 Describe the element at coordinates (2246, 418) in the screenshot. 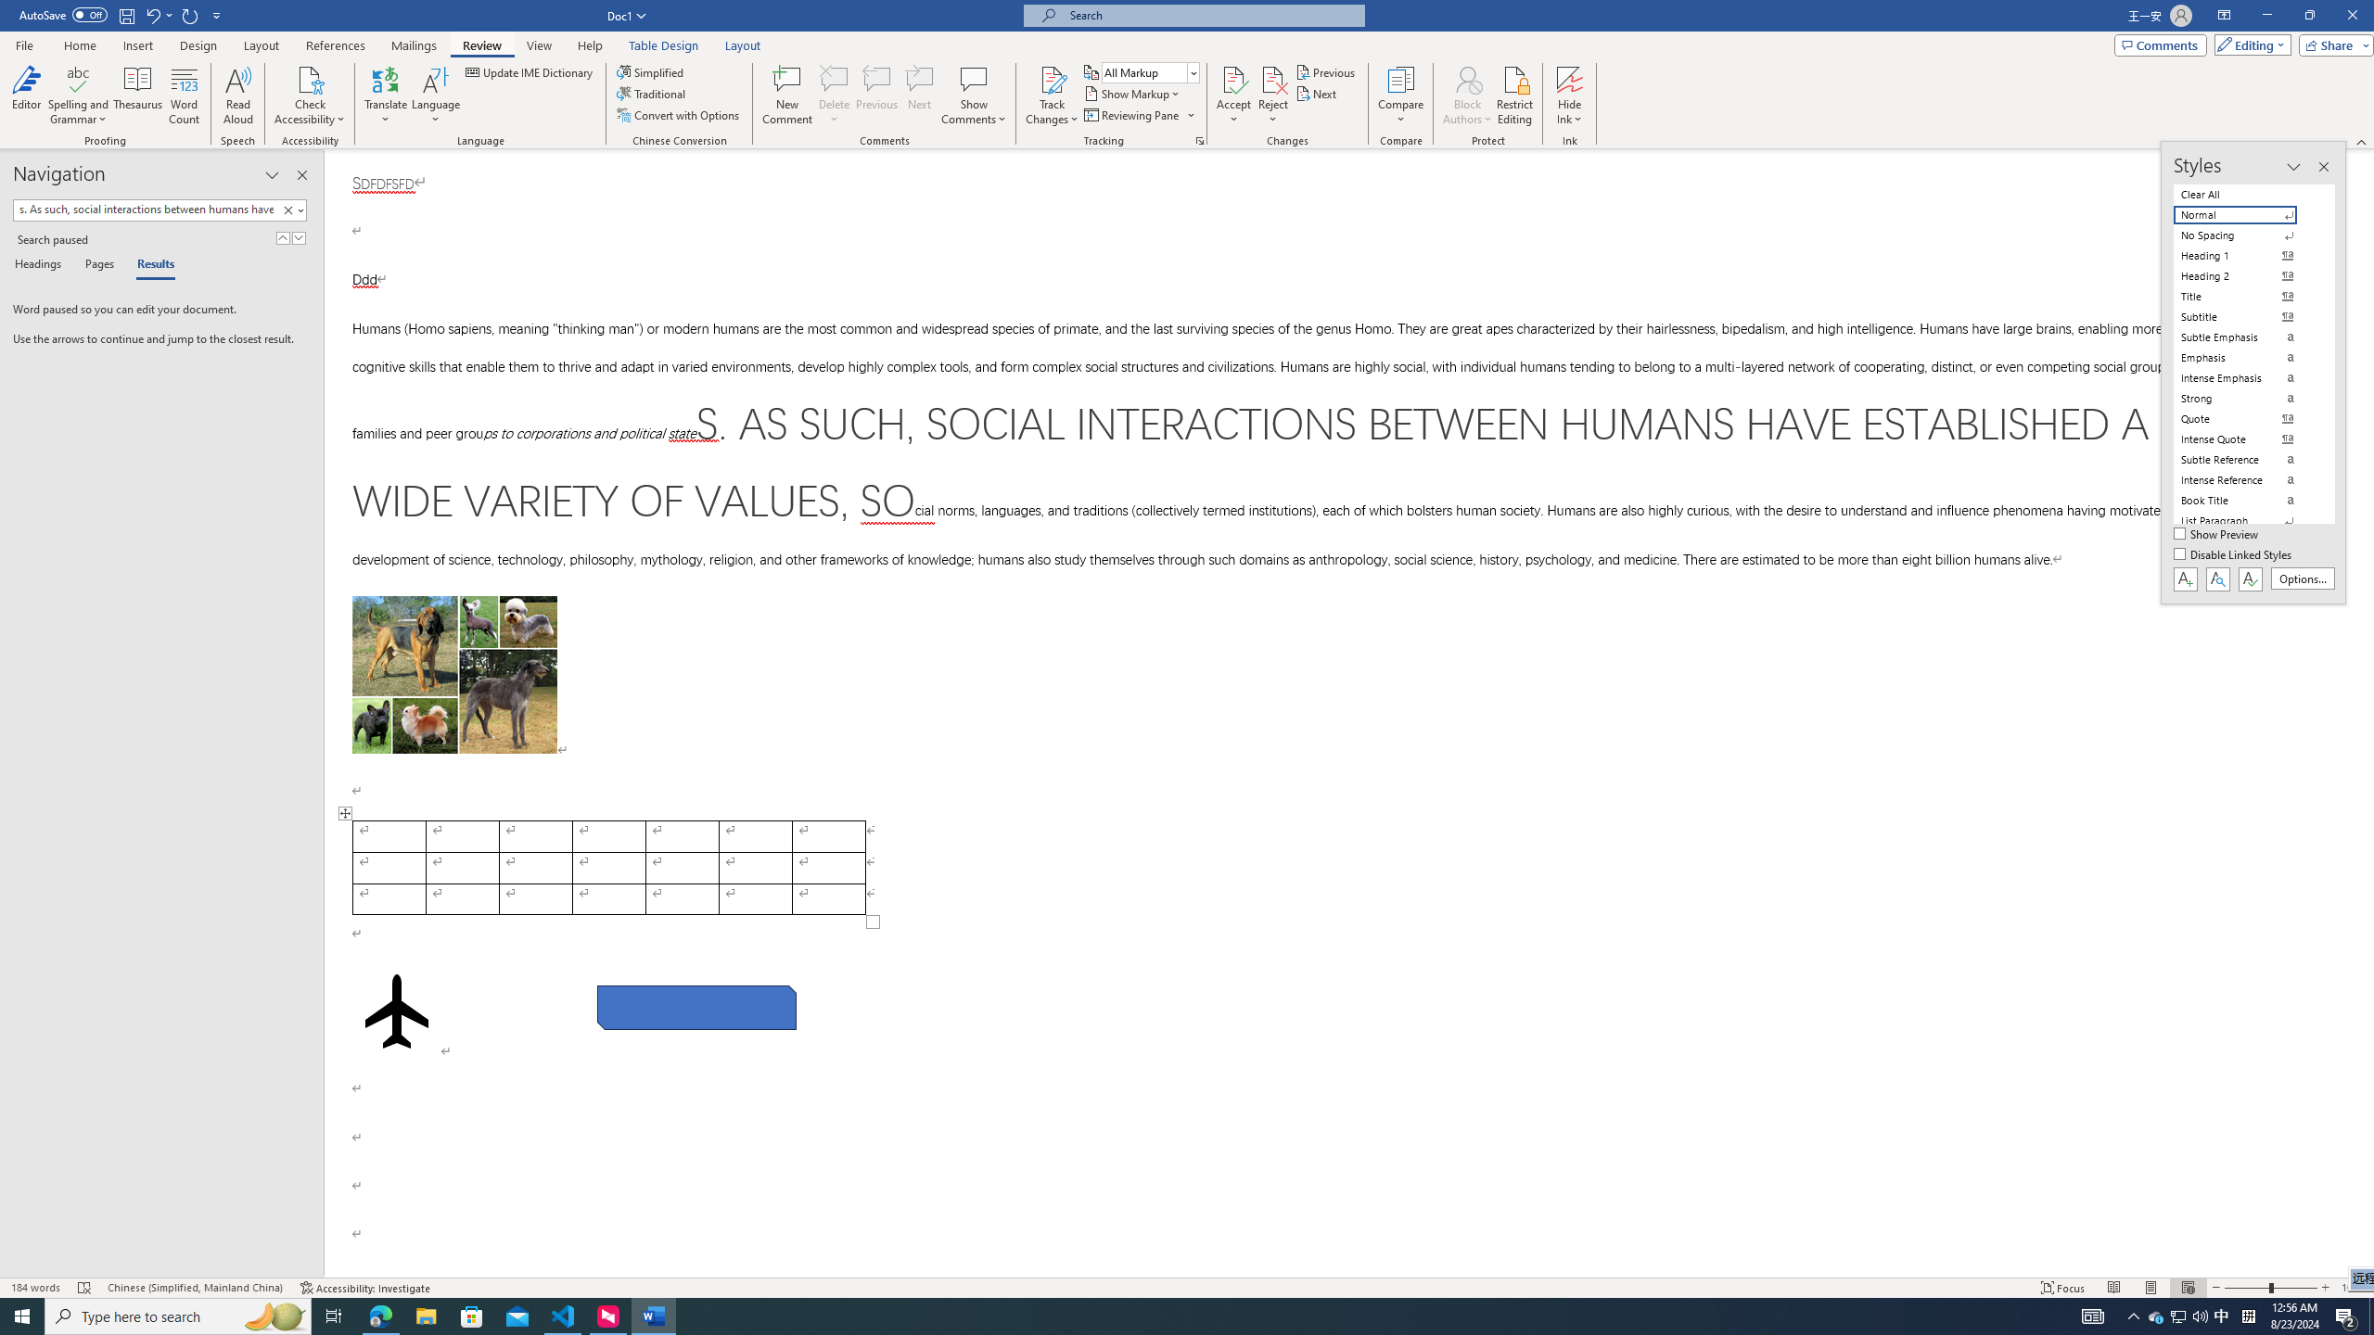

I see `'Quote'` at that location.